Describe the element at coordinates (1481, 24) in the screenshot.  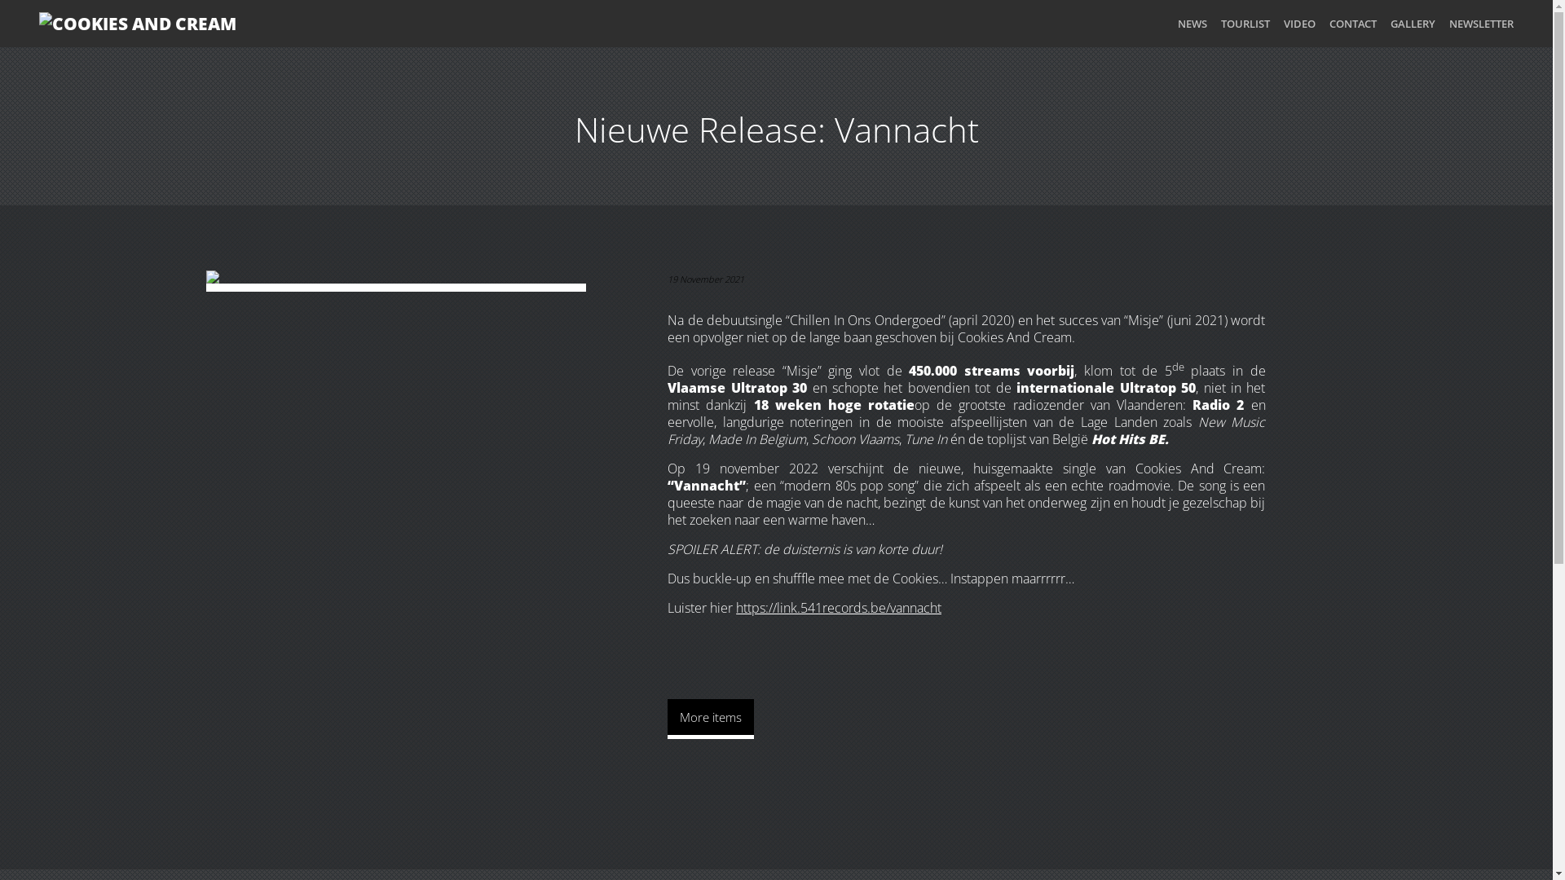
I see `'NEWSLETTER'` at that location.